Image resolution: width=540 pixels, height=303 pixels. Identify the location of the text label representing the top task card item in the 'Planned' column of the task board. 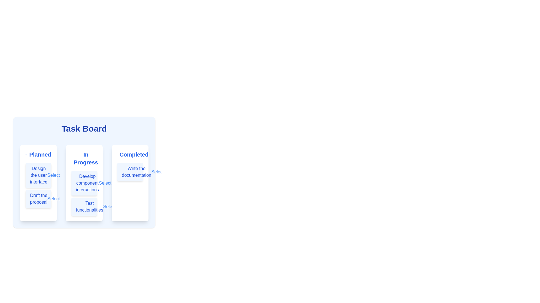
(38, 175).